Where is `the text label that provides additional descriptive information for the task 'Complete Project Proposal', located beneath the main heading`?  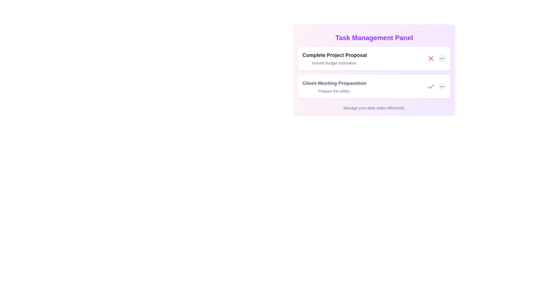
the text label that provides additional descriptive information for the task 'Complete Project Proposal', located beneath the main heading is located at coordinates (335, 63).